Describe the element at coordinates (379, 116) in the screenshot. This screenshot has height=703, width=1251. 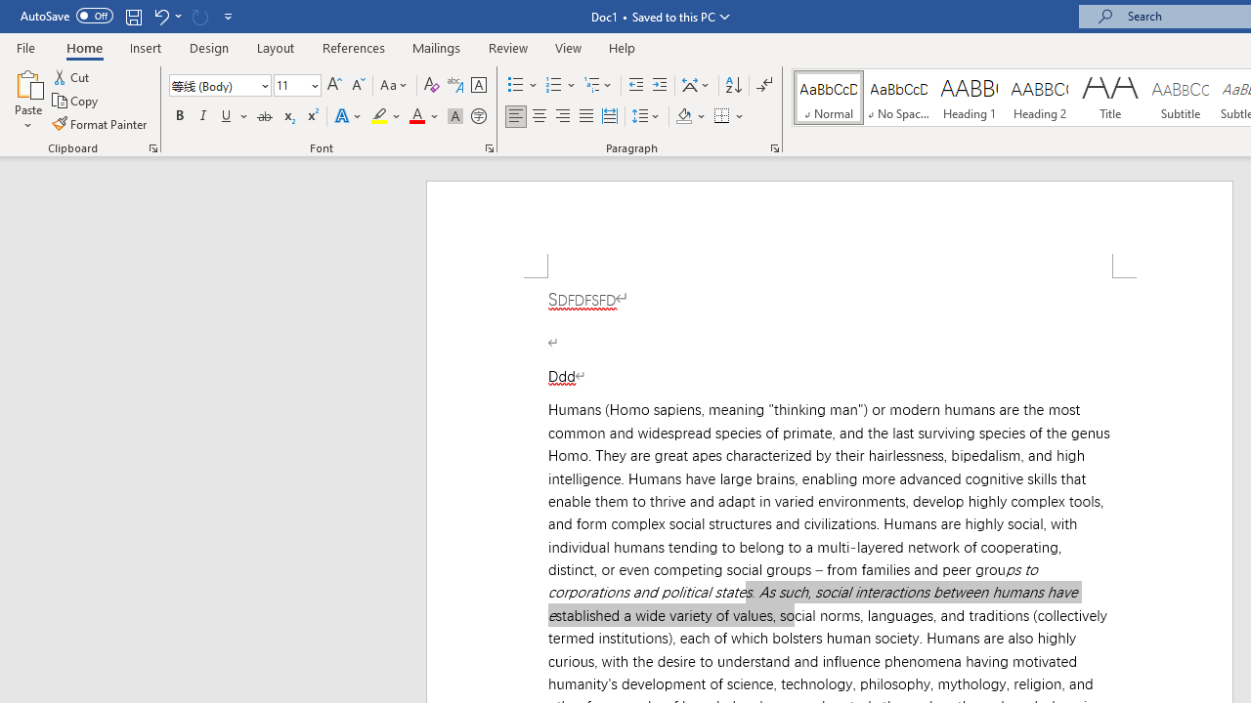
I see `'Text Highlight Color Yellow'` at that location.